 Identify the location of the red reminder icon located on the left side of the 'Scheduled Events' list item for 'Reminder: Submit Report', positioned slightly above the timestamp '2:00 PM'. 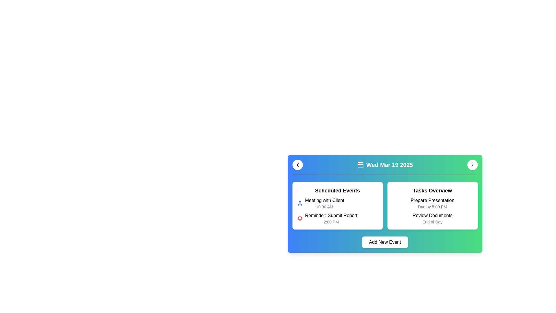
(300, 218).